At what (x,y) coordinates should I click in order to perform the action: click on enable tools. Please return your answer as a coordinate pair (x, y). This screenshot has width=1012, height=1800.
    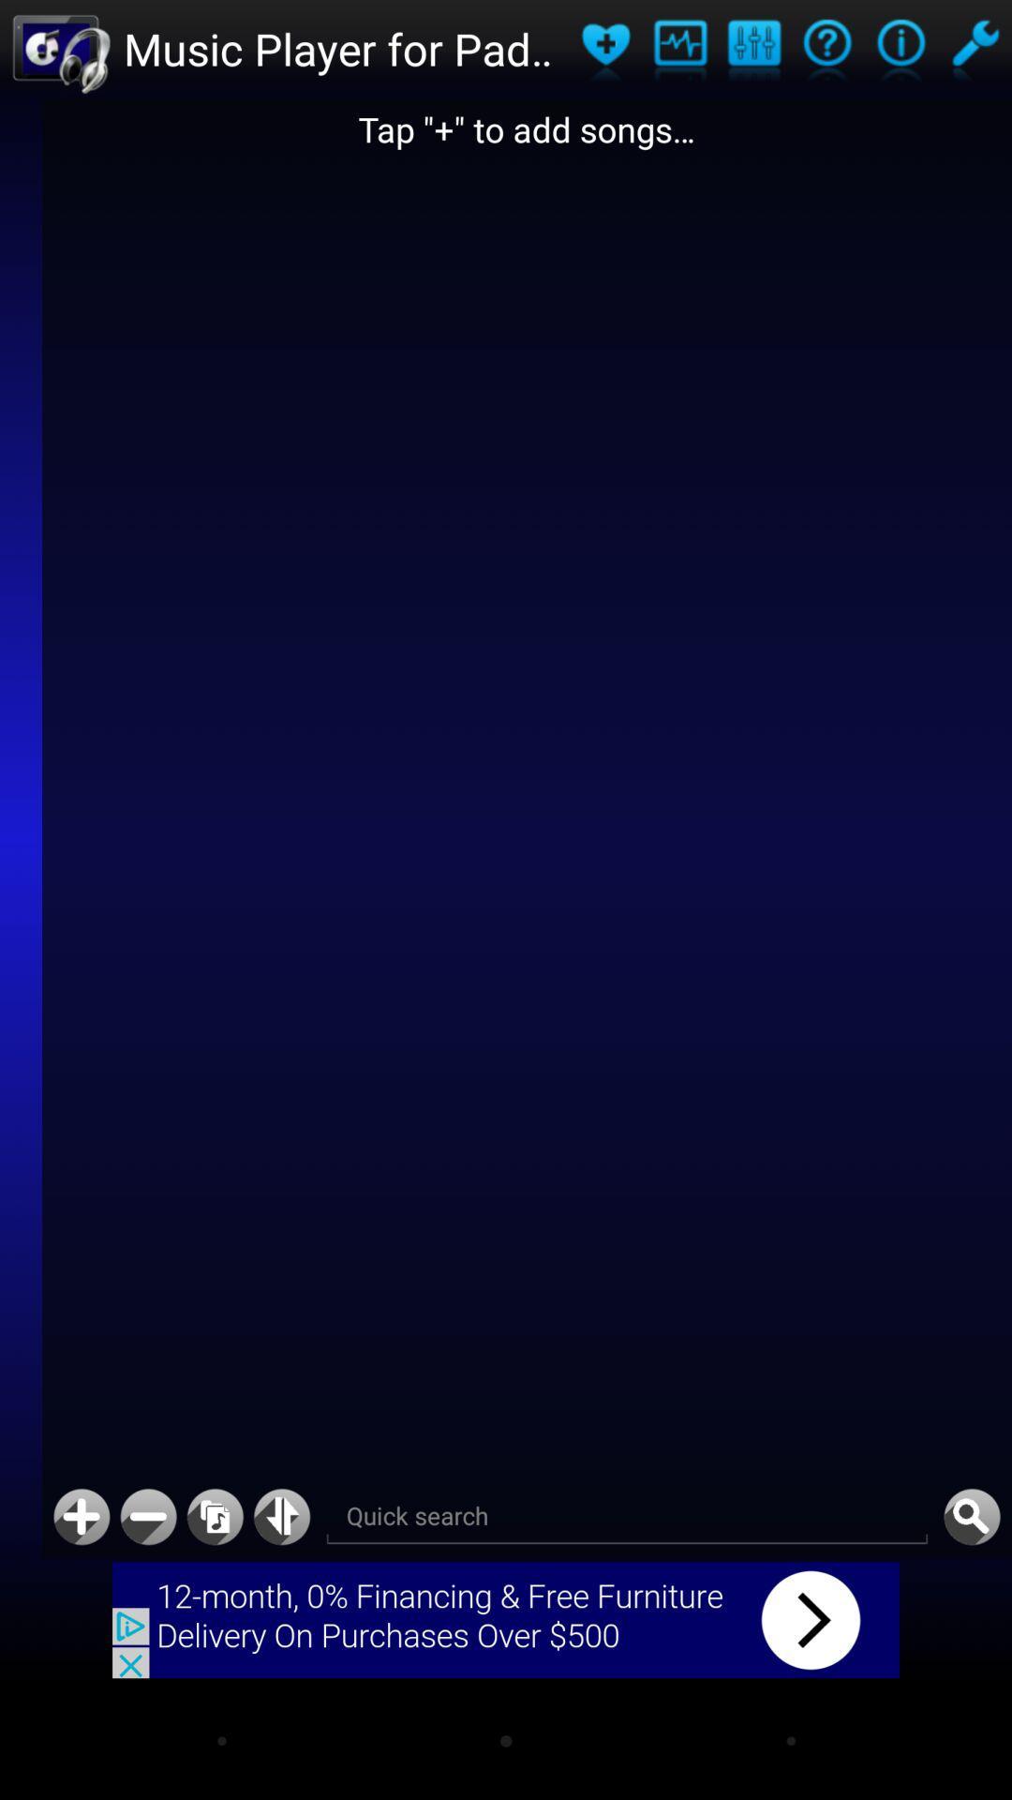
    Looking at the image, I should click on (974, 49).